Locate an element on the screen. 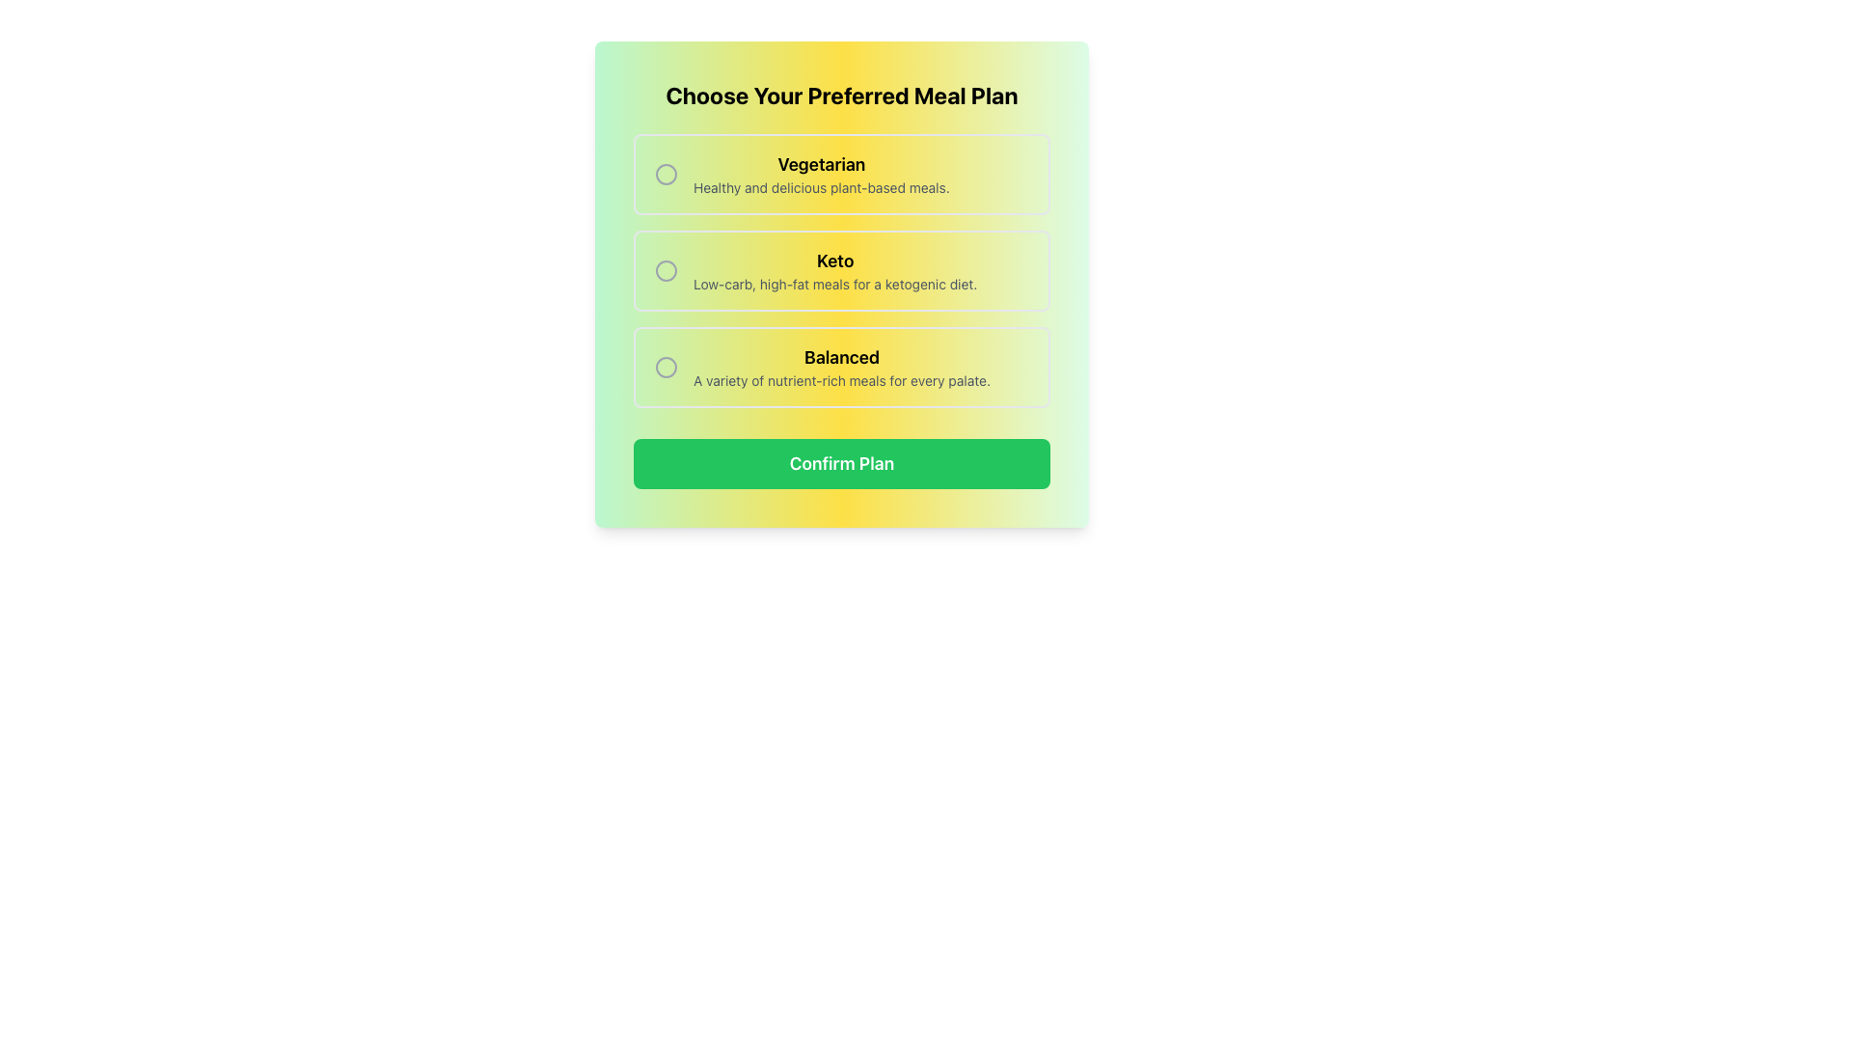 Image resolution: width=1852 pixels, height=1042 pixels. the 'Confirm Plan' button, which has a green background and white text is located at coordinates (842, 464).